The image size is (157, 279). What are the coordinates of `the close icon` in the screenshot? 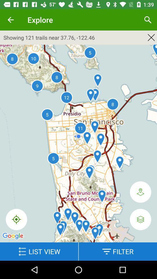 It's located at (151, 37).